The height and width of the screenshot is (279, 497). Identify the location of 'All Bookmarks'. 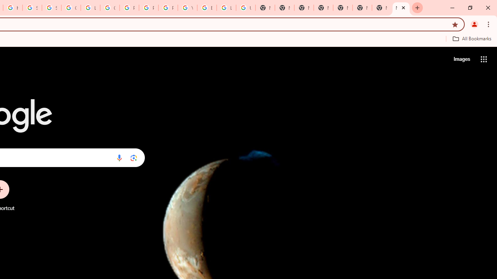
(471, 38).